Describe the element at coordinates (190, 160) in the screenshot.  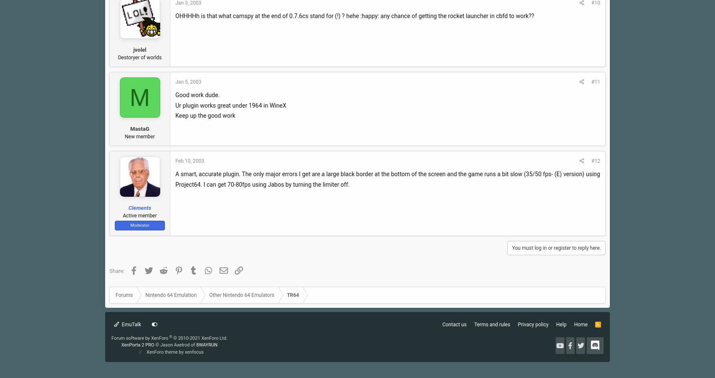
I see `'Feb 10, 2003'` at that location.